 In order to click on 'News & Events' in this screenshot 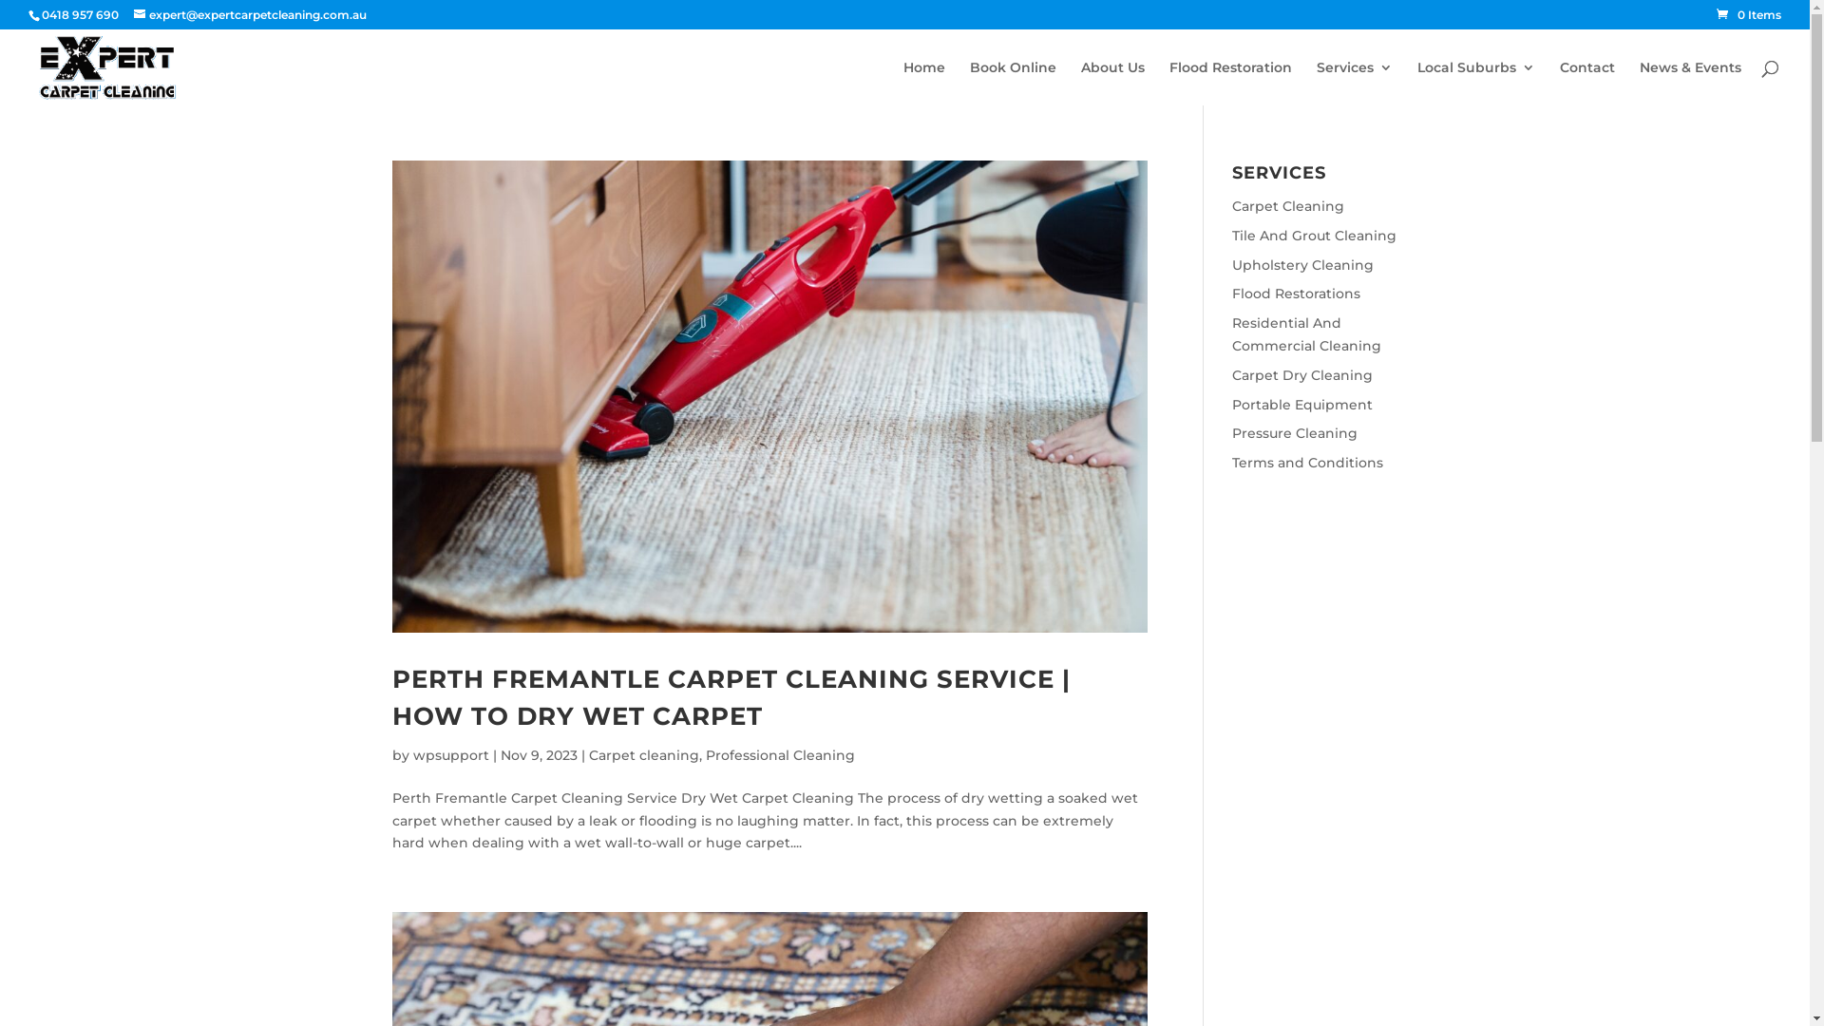, I will do `click(1690, 82)`.